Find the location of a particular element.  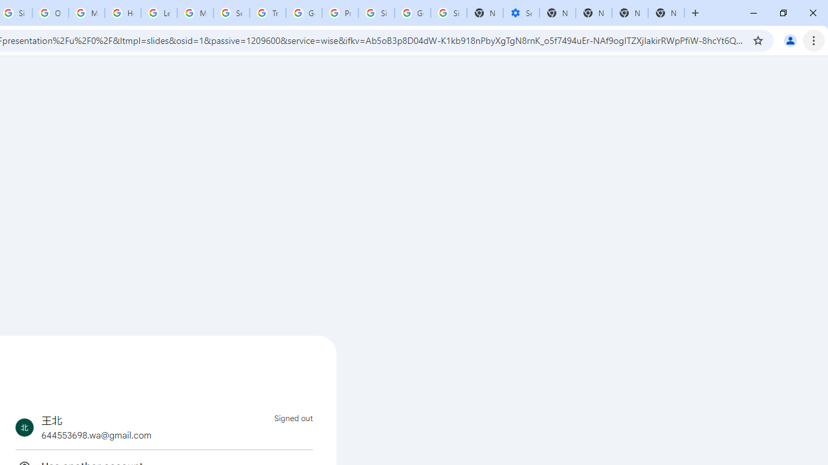

'Google Ads - Sign in' is located at coordinates (303, 13).